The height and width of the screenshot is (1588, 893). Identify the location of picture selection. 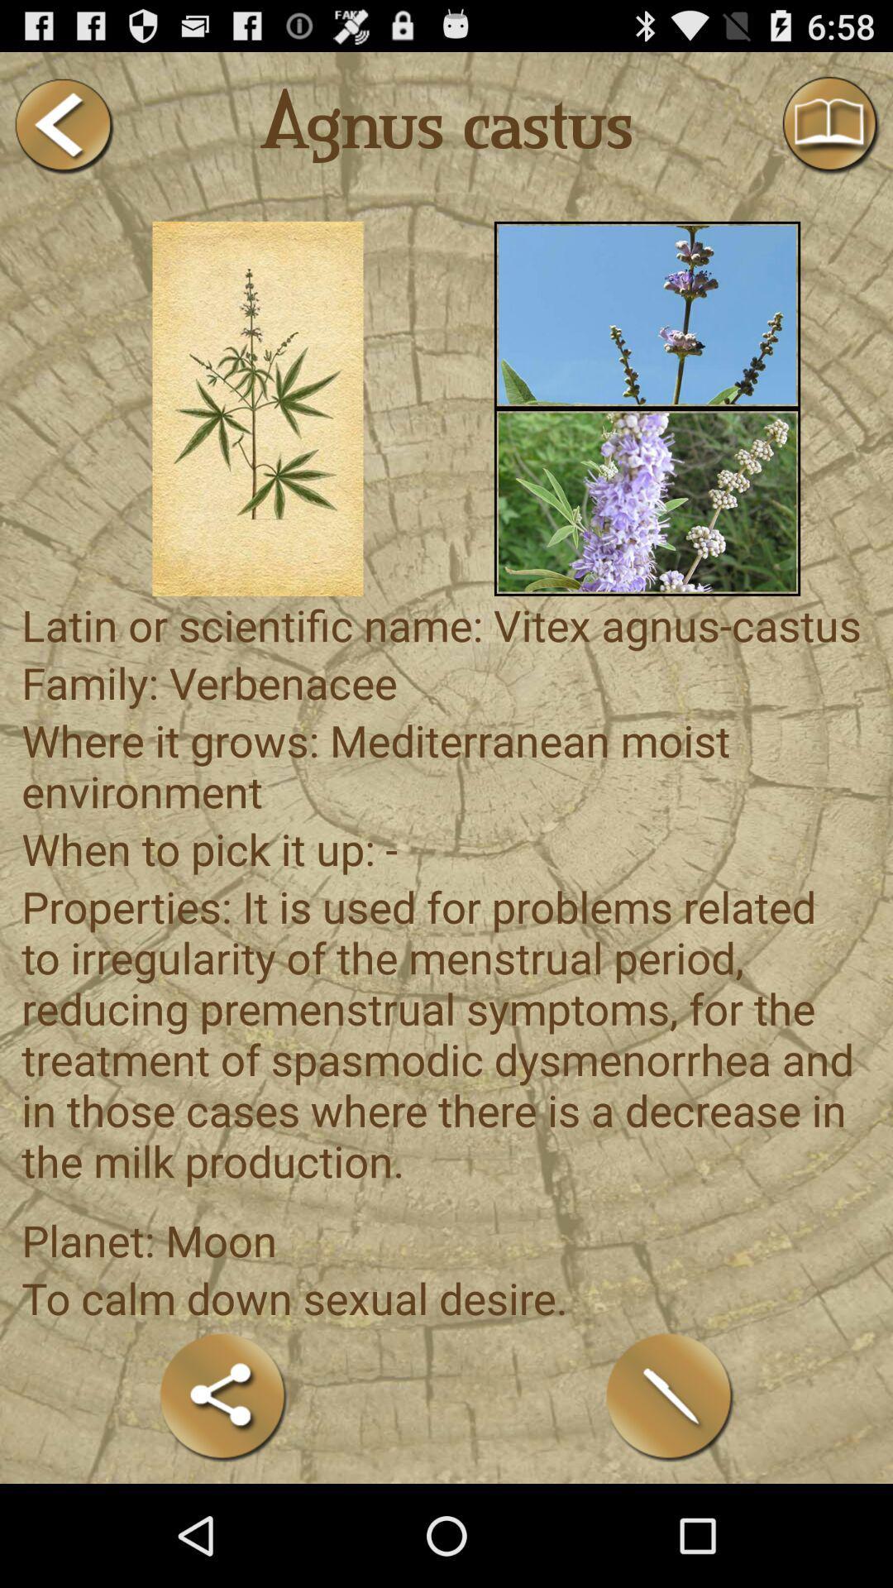
(258, 409).